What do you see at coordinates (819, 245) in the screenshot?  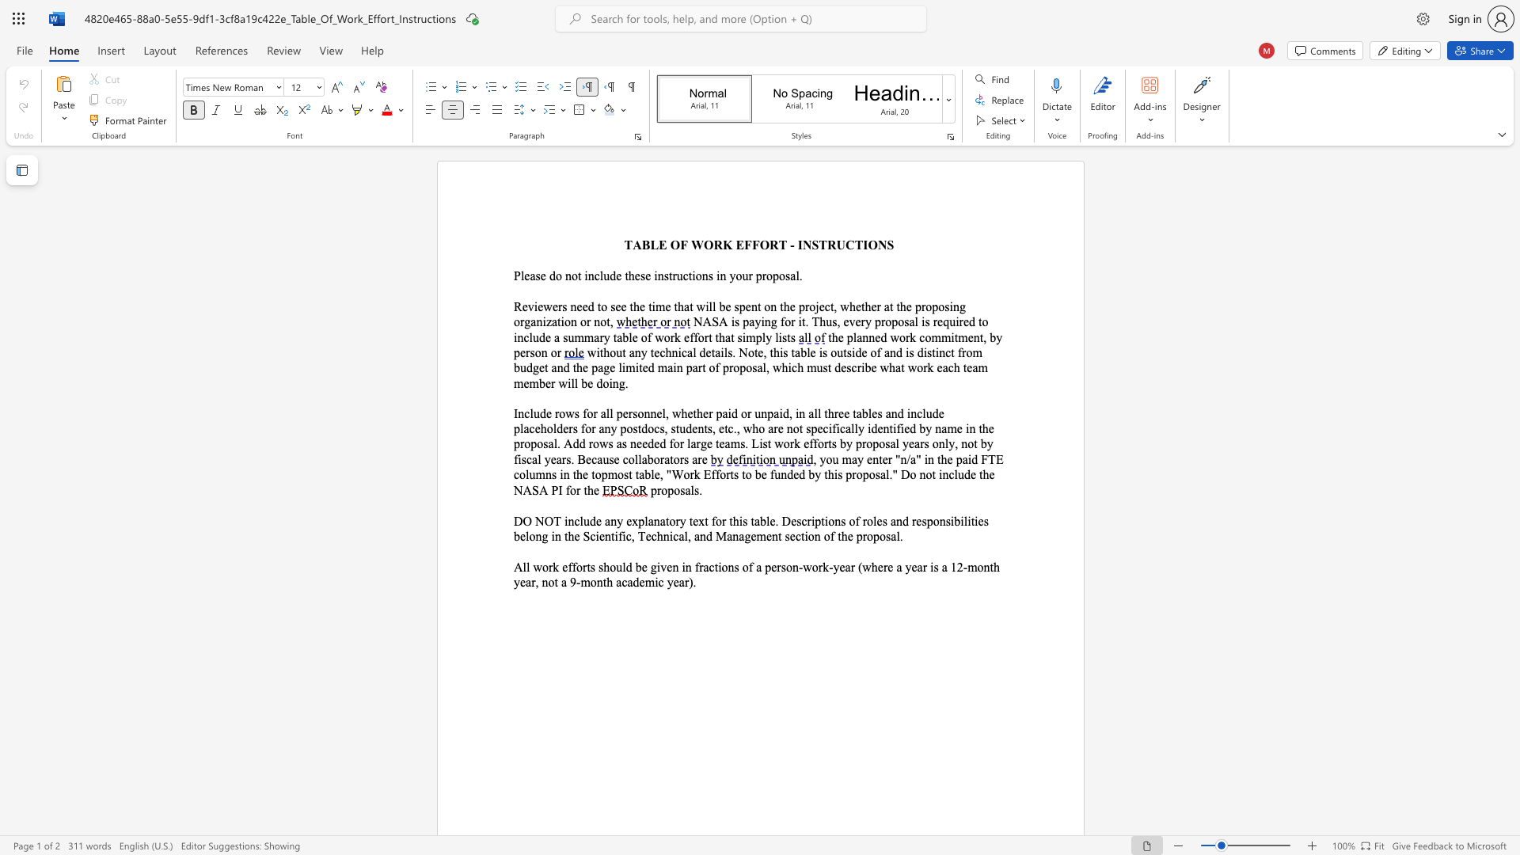 I see `the space between the continuous character "S" and "T" in the text` at bounding box center [819, 245].